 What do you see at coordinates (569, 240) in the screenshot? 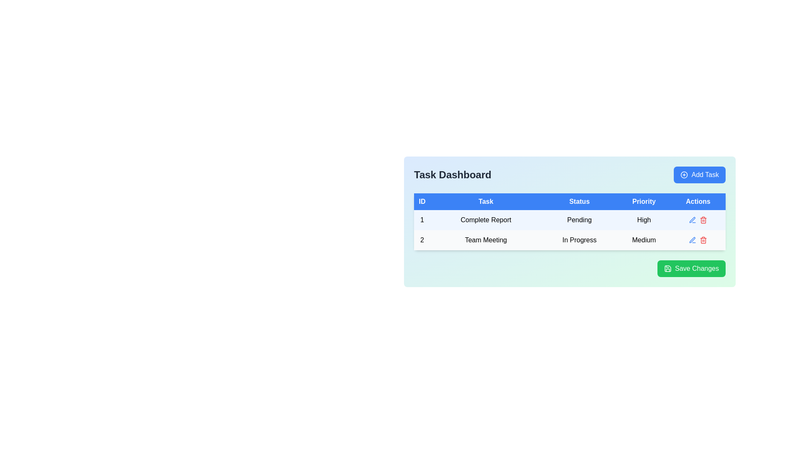
I see `the second row of the task dashboard table which contains the task 'Team Meeting' and its details including status and priority` at bounding box center [569, 240].